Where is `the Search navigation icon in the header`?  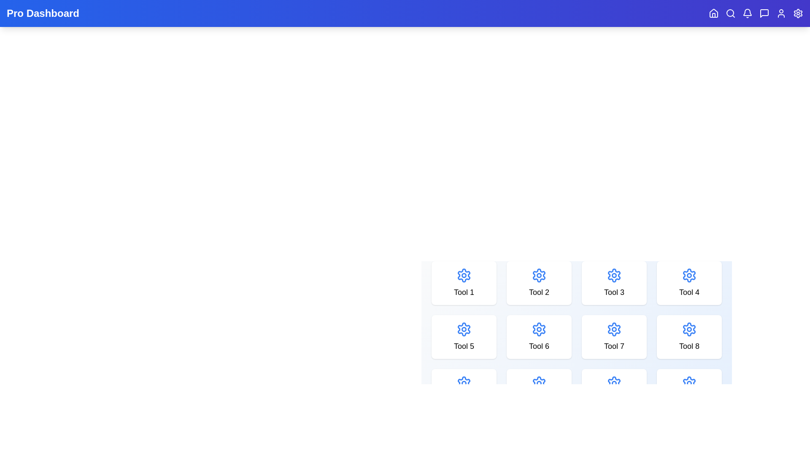 the Search navigation icon in the header is located at coordinates (730, 13).